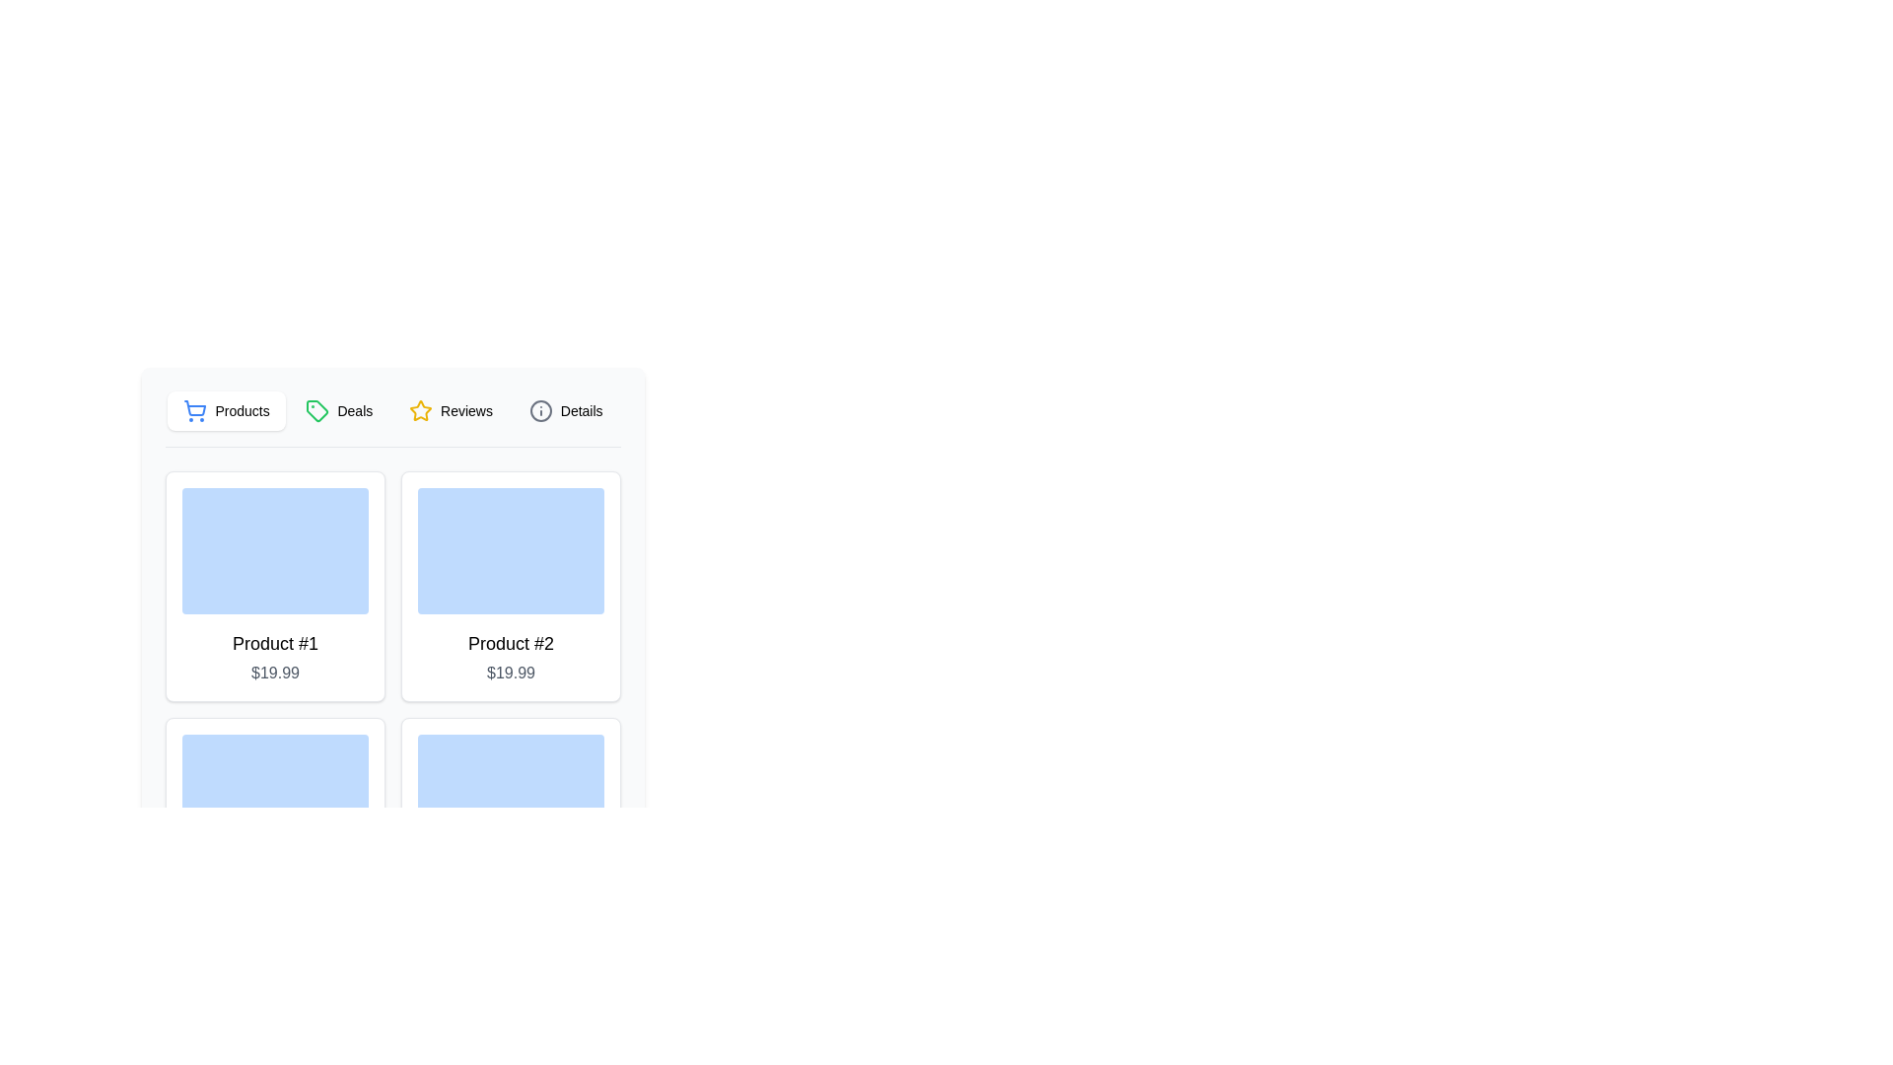  Describe the element at coordinates (227, 409) in the screenshot. I see `the 'Products' navigation button located in the top-left corner of the button group in the navigation bar` at that location.